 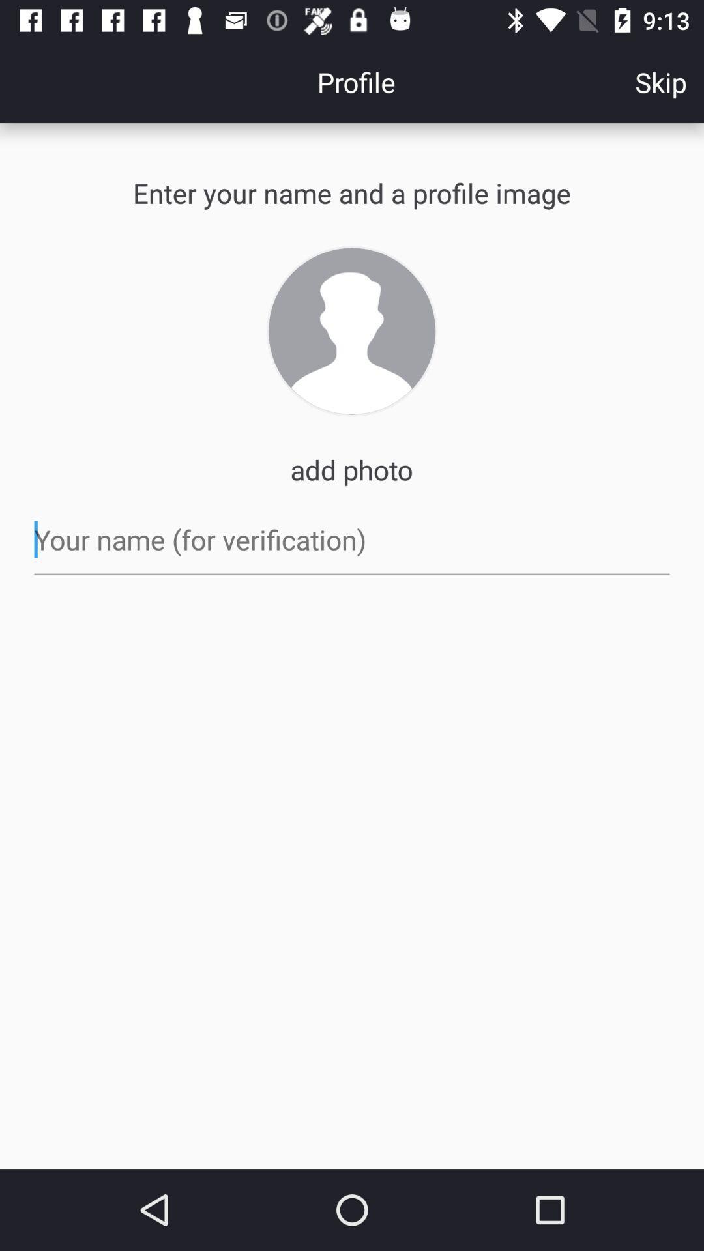 What do you see at coordinates (661, 81) in the screenshot?
I see `icon next to the profile` at bounding box center [661, 81].